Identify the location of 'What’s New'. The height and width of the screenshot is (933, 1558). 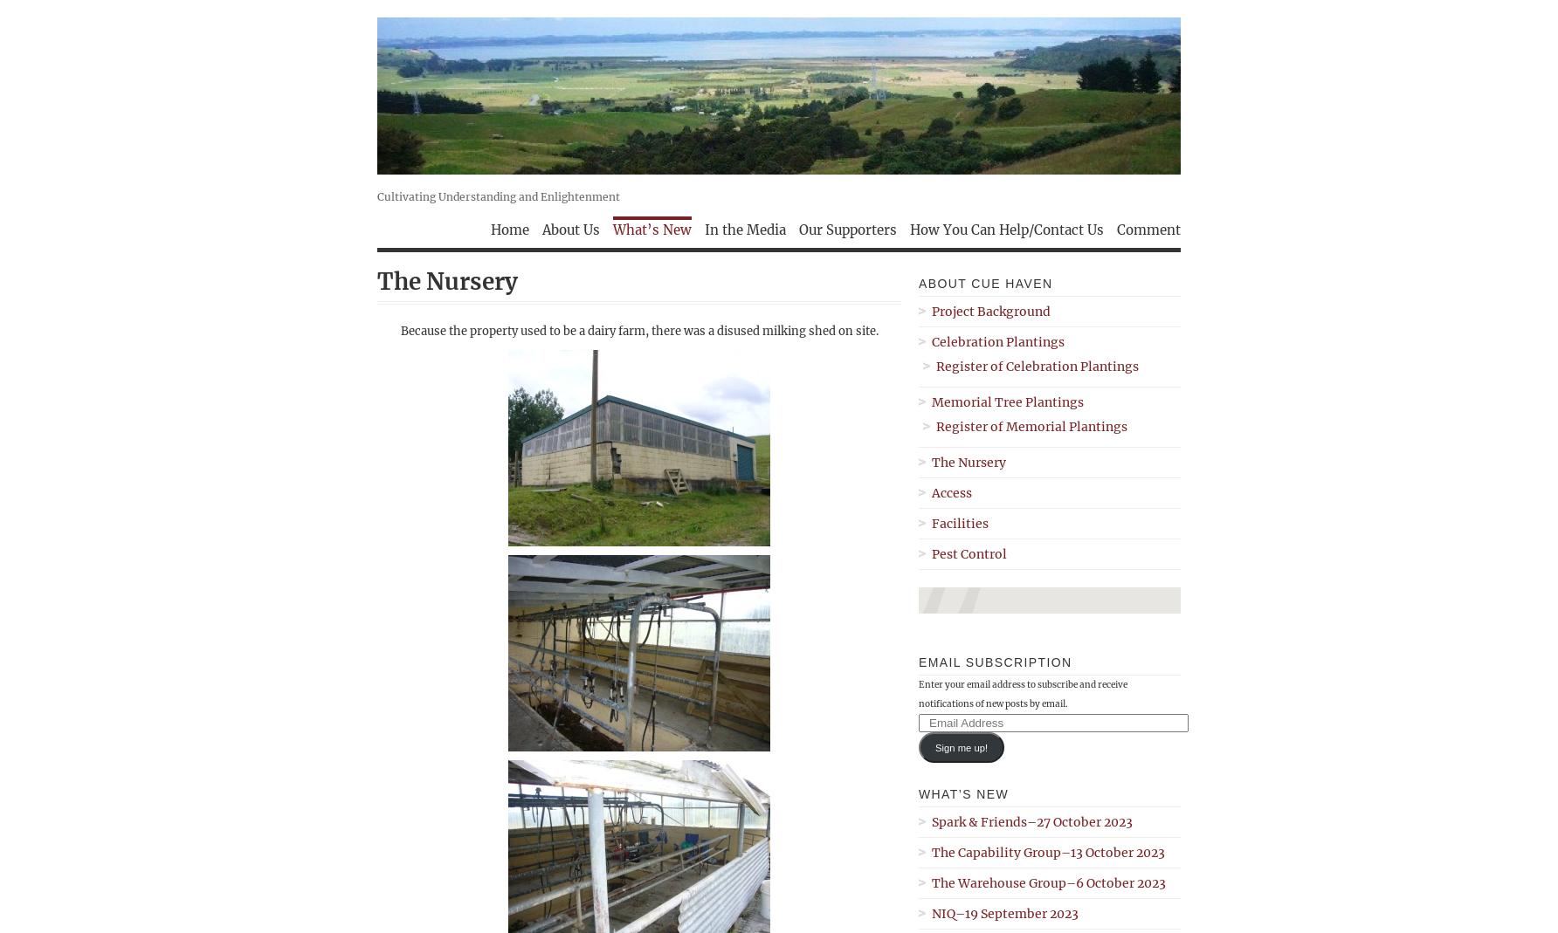
(962, 793).